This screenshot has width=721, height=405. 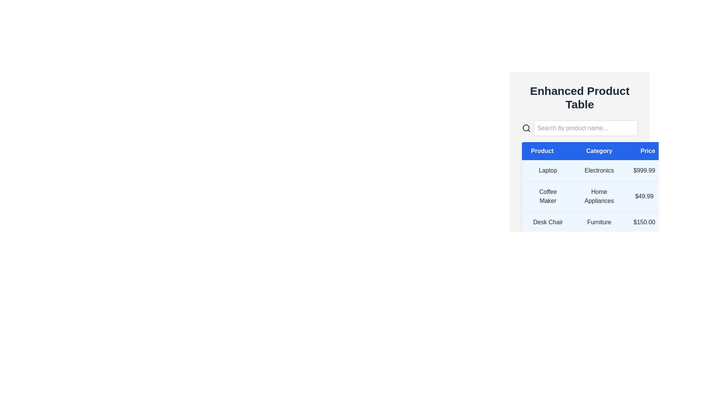 I want to click on the 'Product' column header in the table, located at the top-left corner of the header row, so click(x=548, y=151).